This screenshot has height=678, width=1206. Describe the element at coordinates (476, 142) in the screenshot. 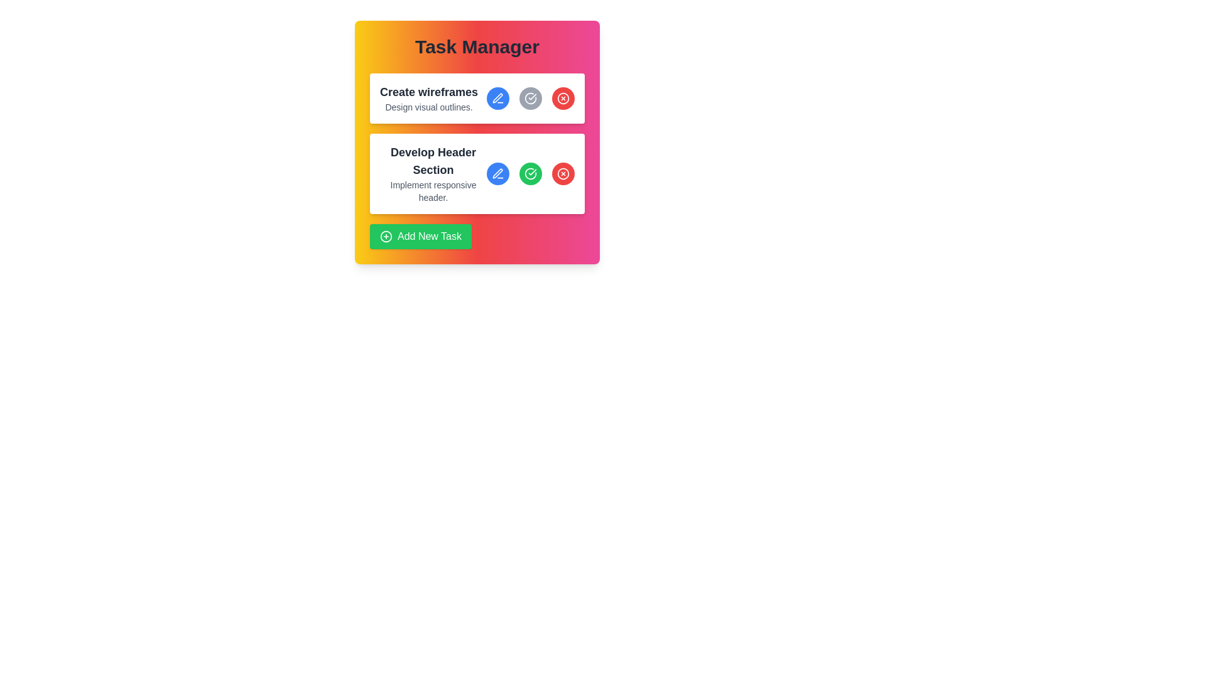

I see `the task title within the Task Manager card for detail view` at that location.